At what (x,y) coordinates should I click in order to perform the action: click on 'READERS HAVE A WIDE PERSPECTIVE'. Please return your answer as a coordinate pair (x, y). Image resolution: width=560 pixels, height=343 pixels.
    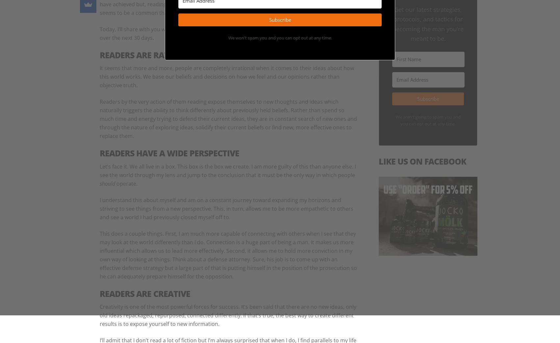
    Looking at the image, I should click on (169, 153).